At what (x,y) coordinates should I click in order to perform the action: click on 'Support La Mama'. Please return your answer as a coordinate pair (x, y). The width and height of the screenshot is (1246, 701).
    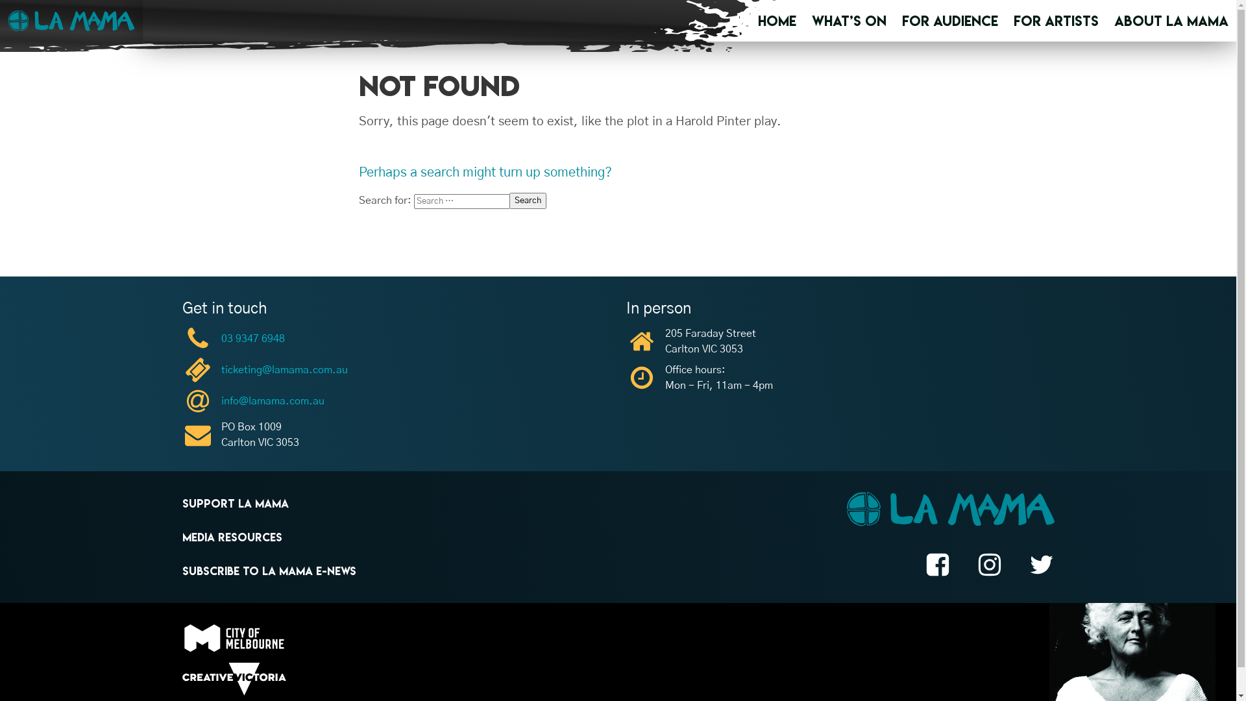
    Looking at the image, I should click on (234, 502).